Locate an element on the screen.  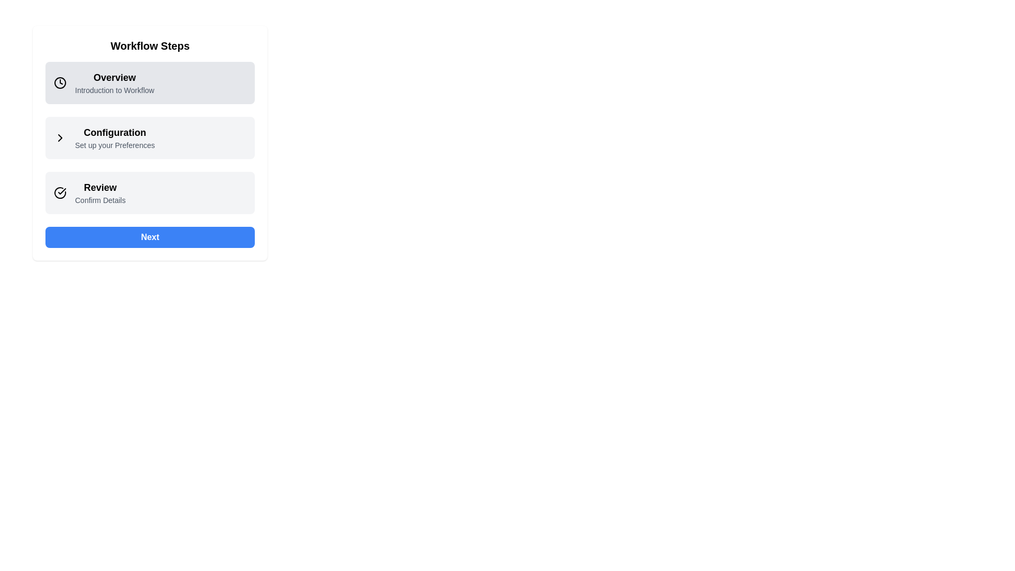
the SVG circle that visually represents the workflow step related to the overview in the Workflow Steps panel, located on the left side of the section is located at coordinates (60, 82).